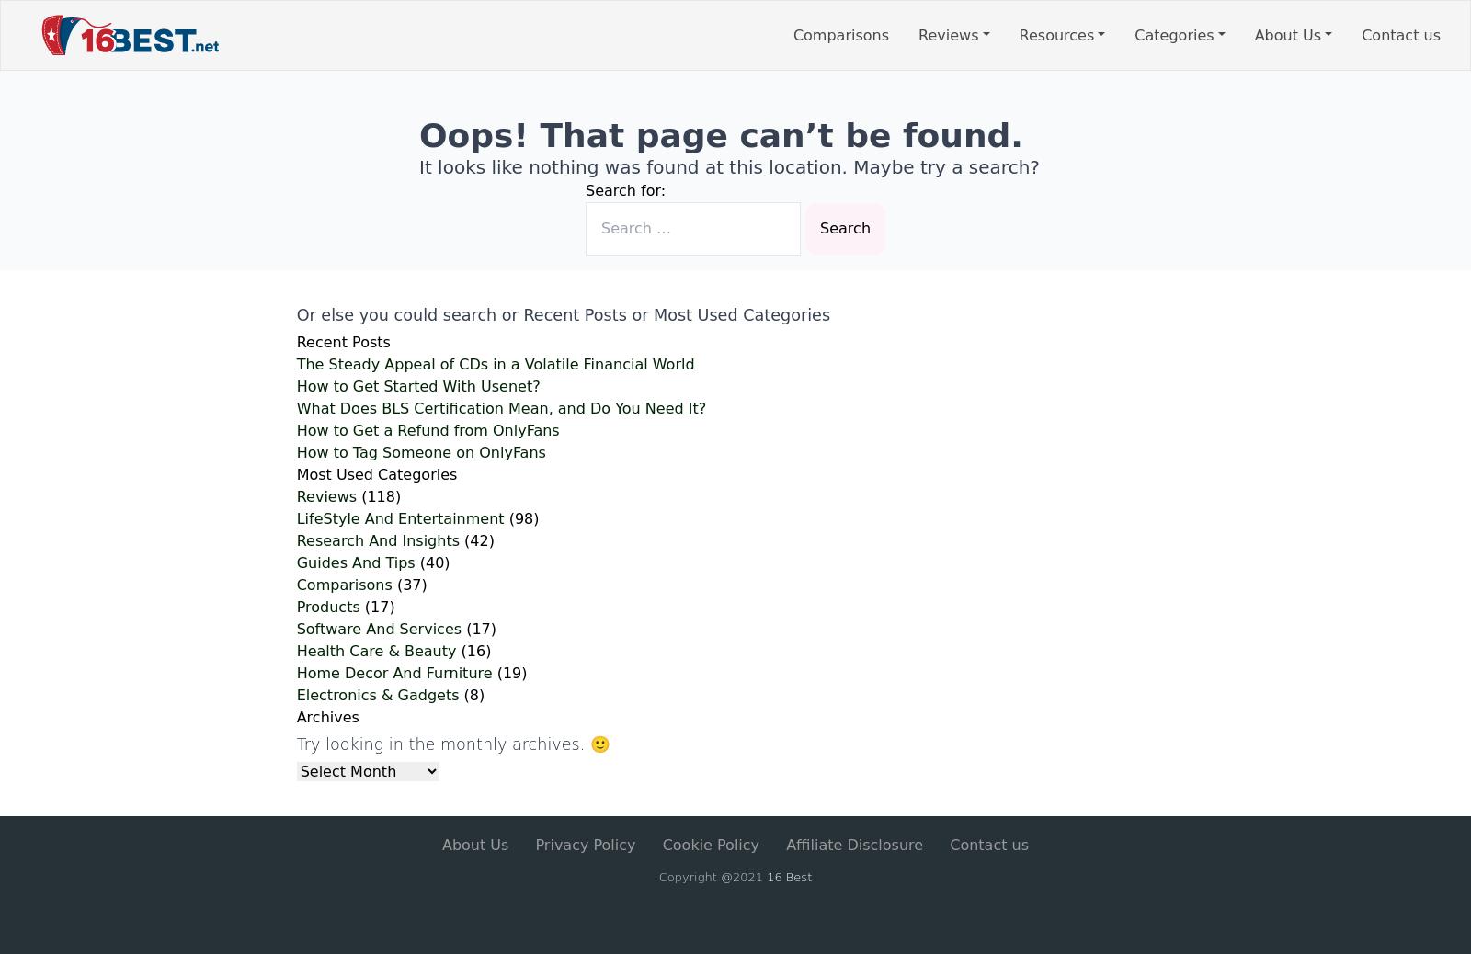 The height and width of the screenshot is (954, 1471). I want to click on '(98)', so click(503, 517).